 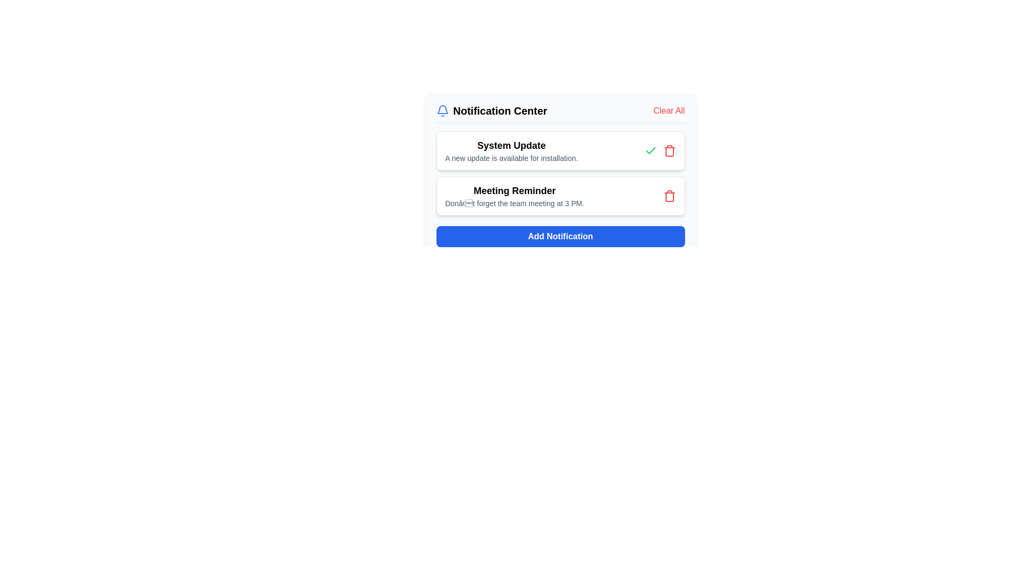 I want to click on the Interactive icon group located in the upper right corner of the 'System Update' notification, so click(x=659, y=150).